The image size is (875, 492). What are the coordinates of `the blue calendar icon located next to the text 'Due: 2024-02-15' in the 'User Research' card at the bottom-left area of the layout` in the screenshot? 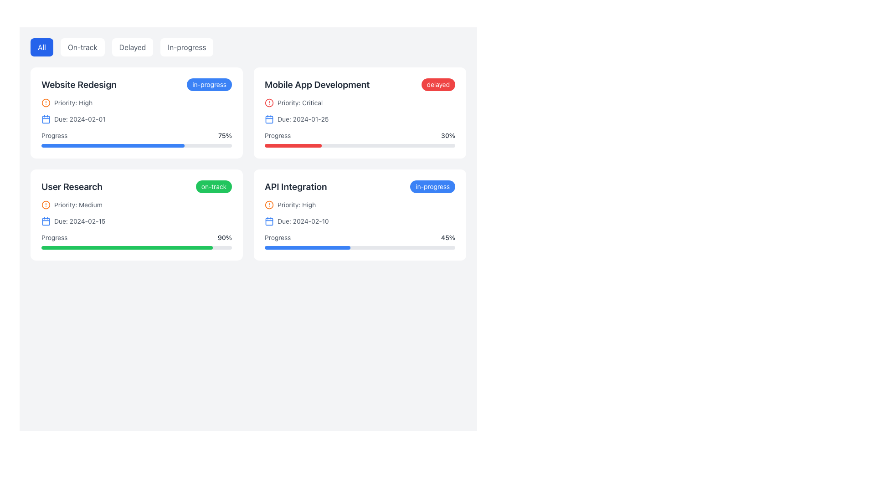 It's located at (45, 221).